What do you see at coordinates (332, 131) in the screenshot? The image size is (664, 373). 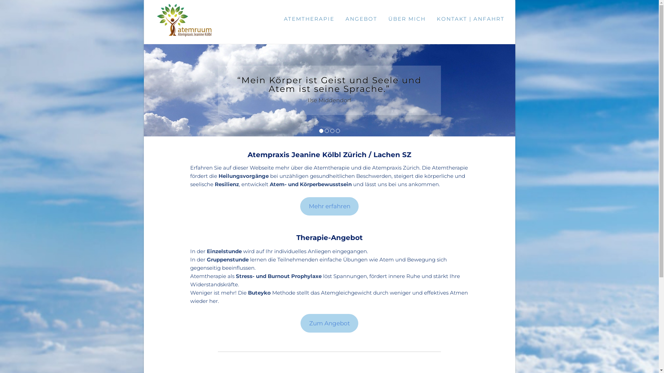 I see `'3'` at bounding box center [332, 131].